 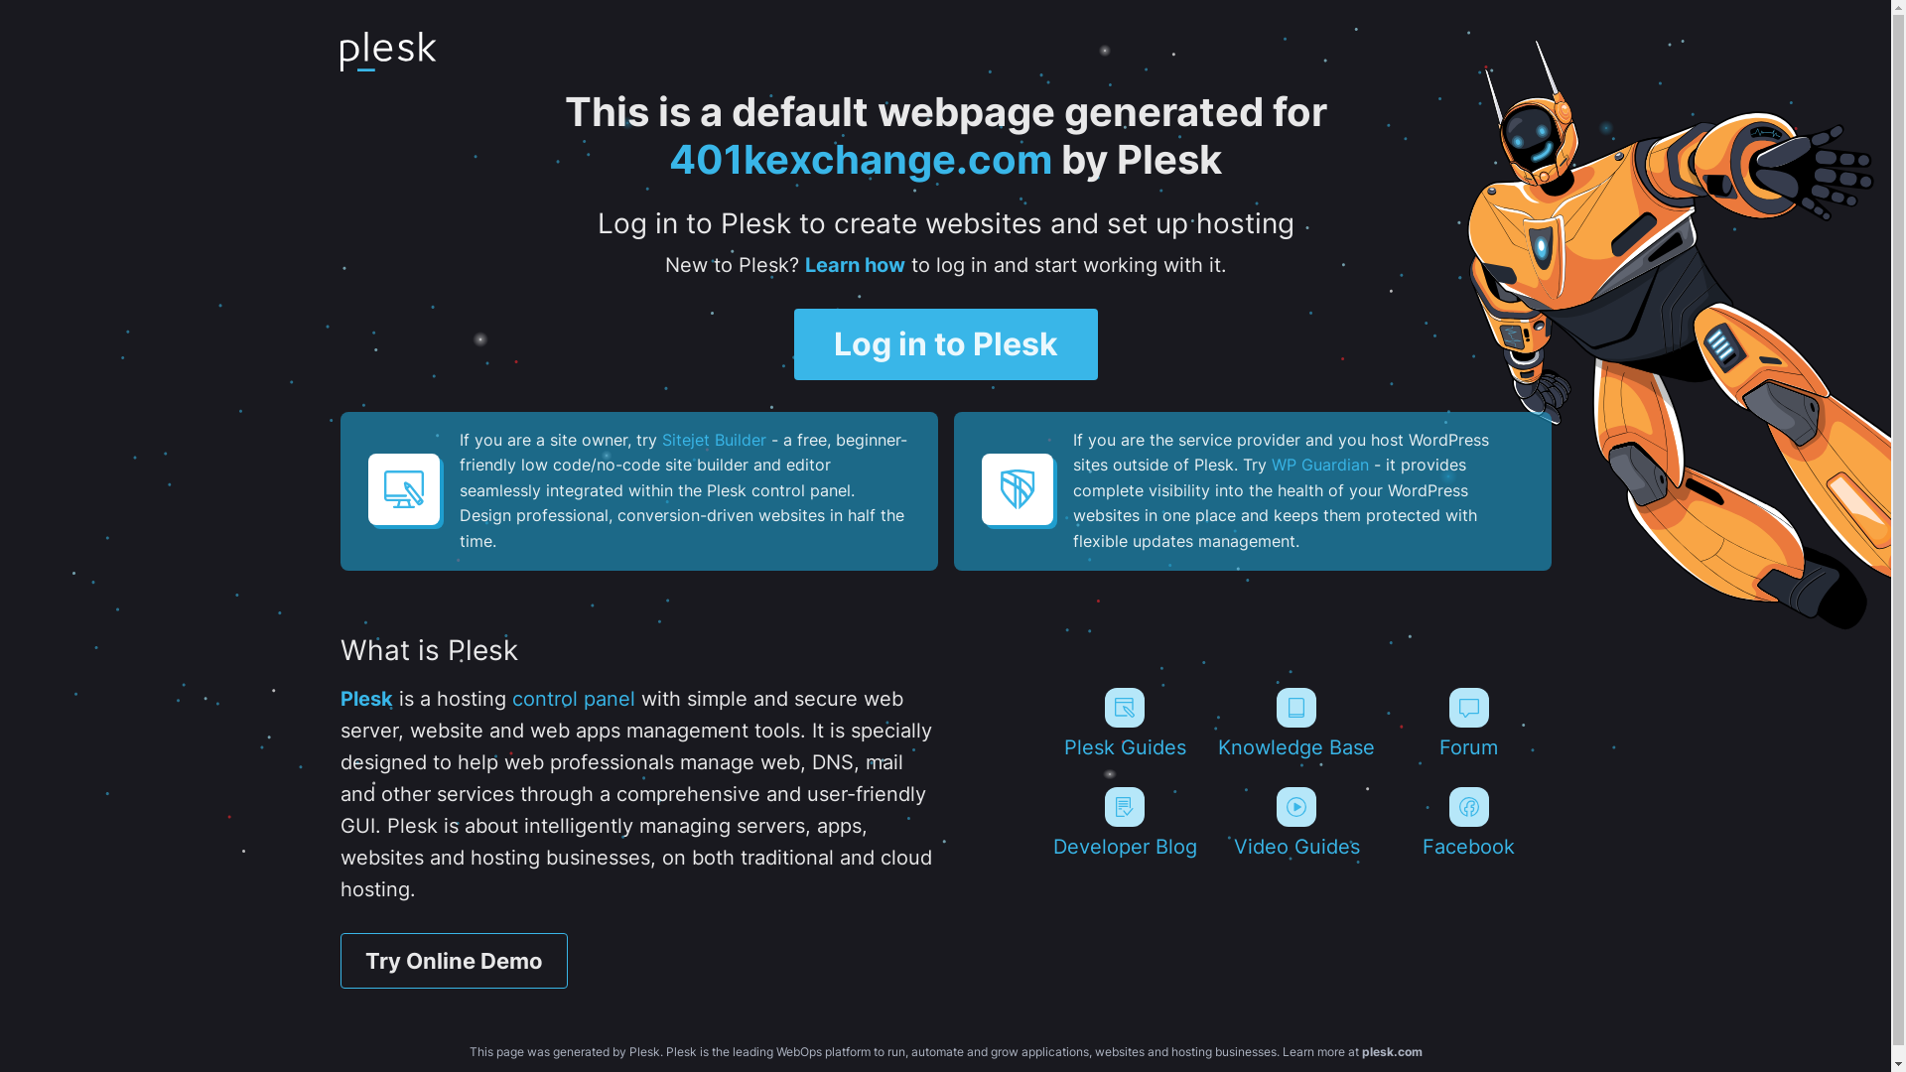 What do you see at coordinates (1468, 823) in the screenshot?
I see `'Facebook'` at bounding box center [1468, 823].